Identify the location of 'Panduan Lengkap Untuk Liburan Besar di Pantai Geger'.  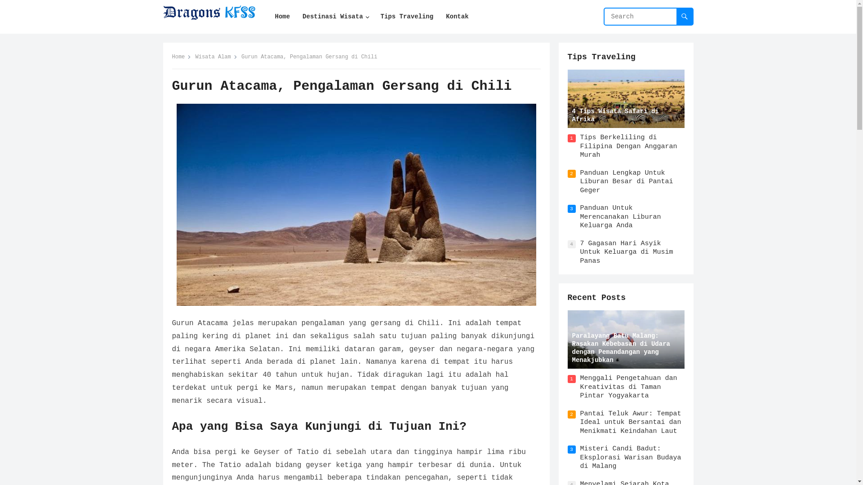
(626, 182).